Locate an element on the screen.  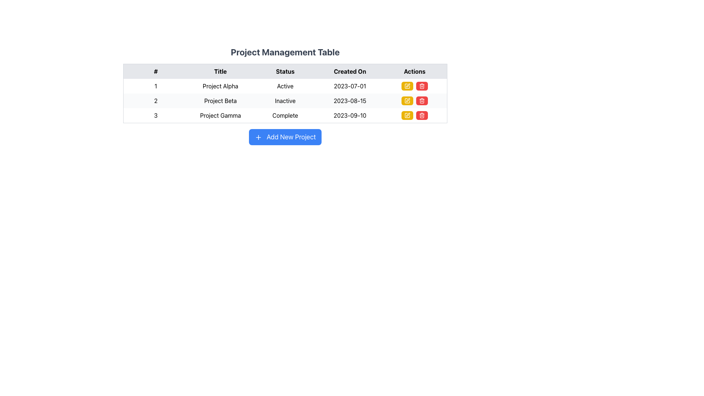
the red trash button in the Actions column of the table for 'Project Gamma' is located at coordinates (422, 86).